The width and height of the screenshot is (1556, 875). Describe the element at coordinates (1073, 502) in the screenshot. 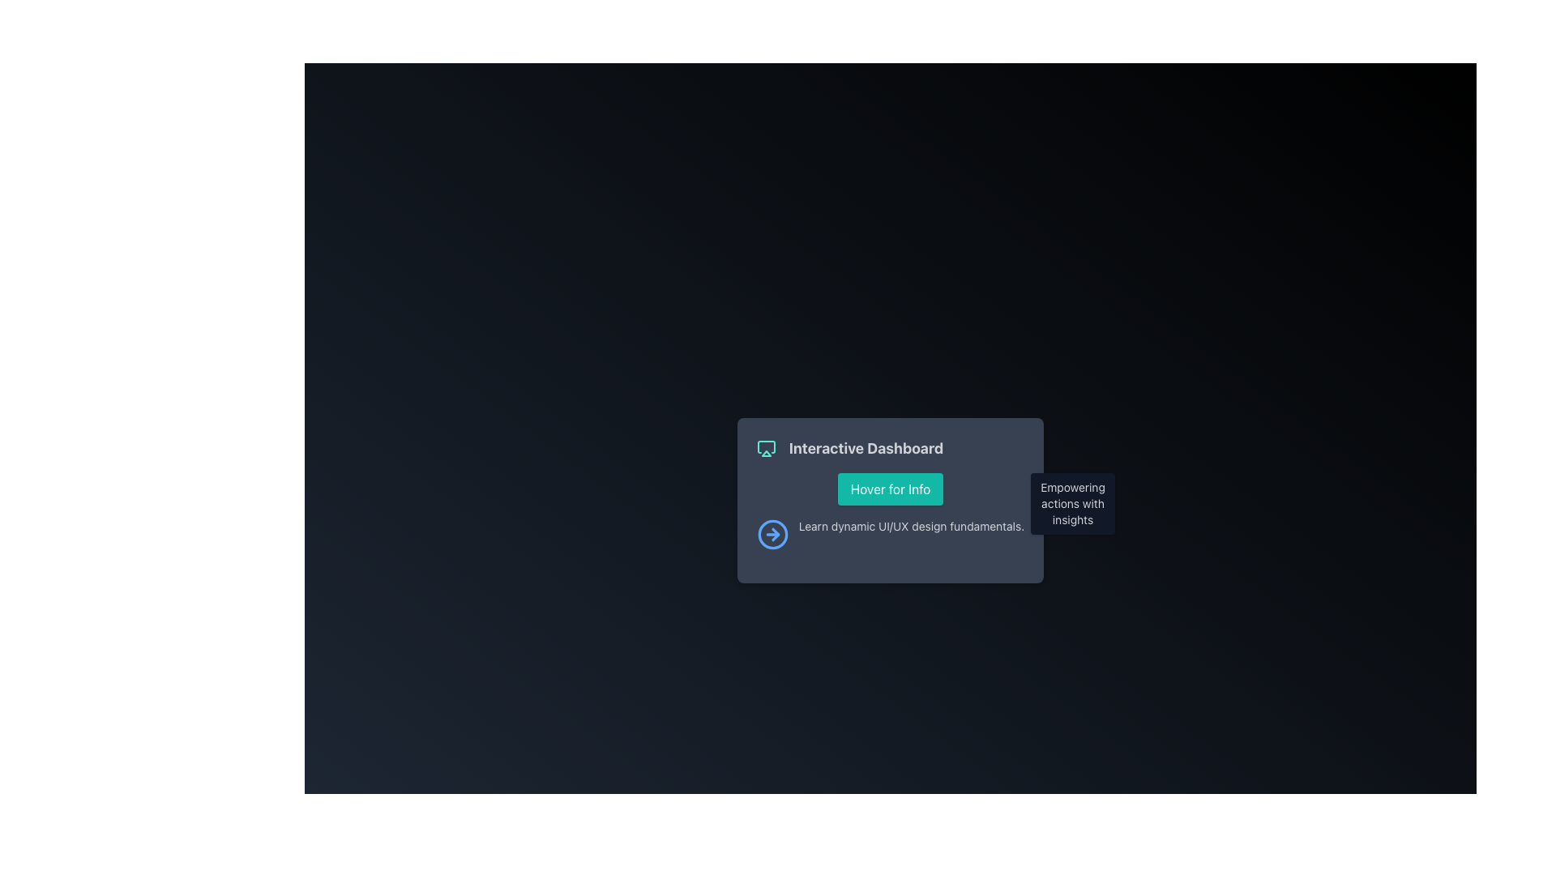

I see `the tooltip with the text 'Empowering actions with insights' which has a dark gray background and is located to the right of the 'Hover for Info' button` at that location.